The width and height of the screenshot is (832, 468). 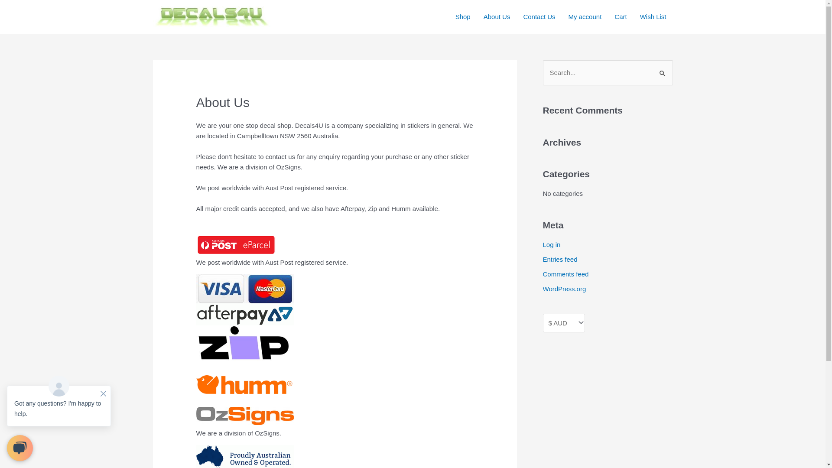 What do you see at coordinates (551, 244) in the screenshot?
I see `'Log in'` at bounding box center [551, 244].